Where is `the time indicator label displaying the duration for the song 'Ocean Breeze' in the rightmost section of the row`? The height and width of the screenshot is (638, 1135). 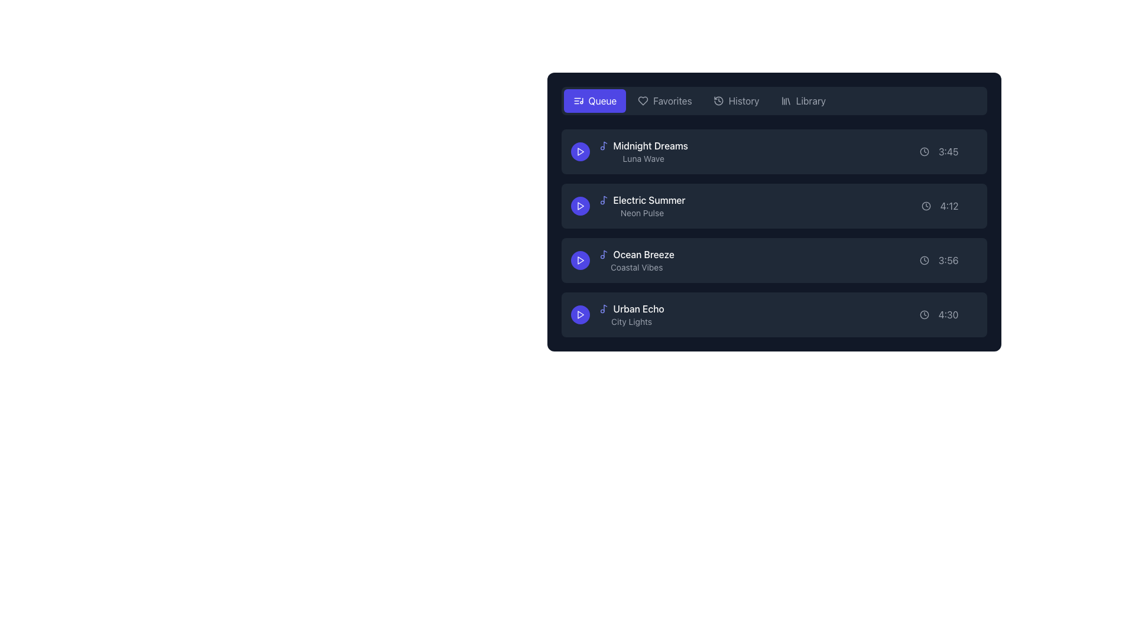
the time indicator label displaying the duration for the song 'Ocean Breeze' in the rightmost section of the row is located at coordinates (948, 259).